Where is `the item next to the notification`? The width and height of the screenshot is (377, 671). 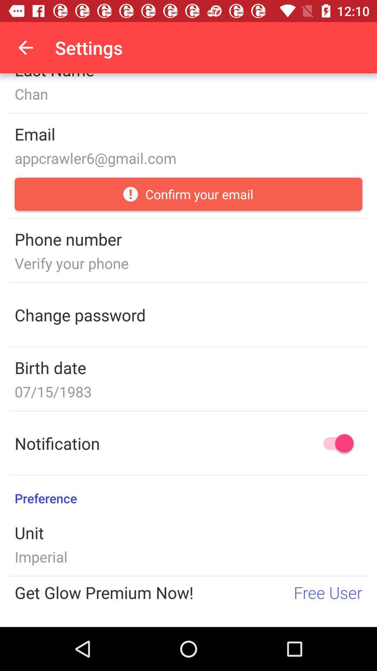 the item next to the notification is located at coordinates (335, 443).